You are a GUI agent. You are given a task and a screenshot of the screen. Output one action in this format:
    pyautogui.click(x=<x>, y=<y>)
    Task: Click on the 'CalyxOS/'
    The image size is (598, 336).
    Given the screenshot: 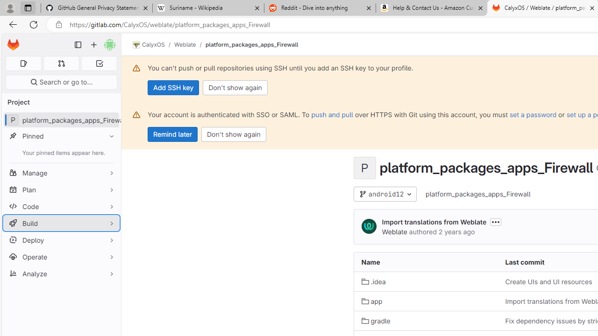 What is the action you would take?
    pyautogui.click(x=153, y=45)
    